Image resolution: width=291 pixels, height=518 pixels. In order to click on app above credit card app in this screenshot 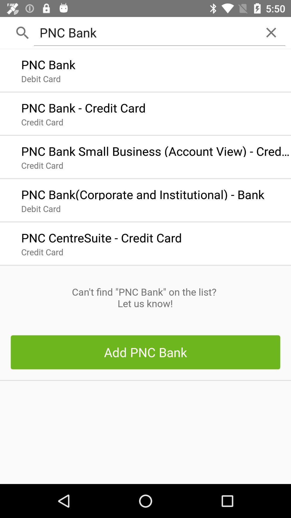, I will do `click(101, 236)`.